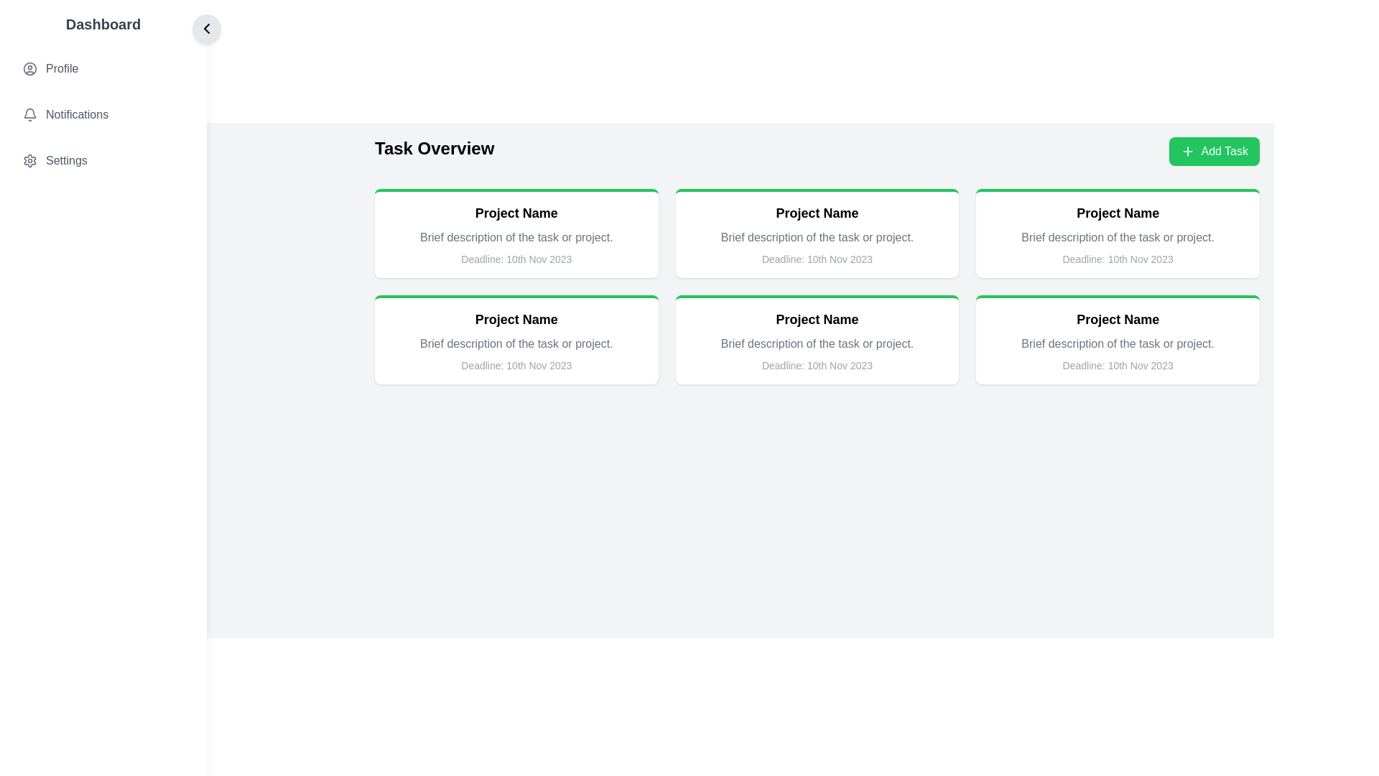 Image resolution: width=1379 pixels, height=776 pixels. Describe the element at coordinates (516, 340) in the screenshot. I see `the Informational card located in the bottom row of a 3x2 grid layout, characterized by a white background, green header border, and containing the title 'Project Name'` at that location.